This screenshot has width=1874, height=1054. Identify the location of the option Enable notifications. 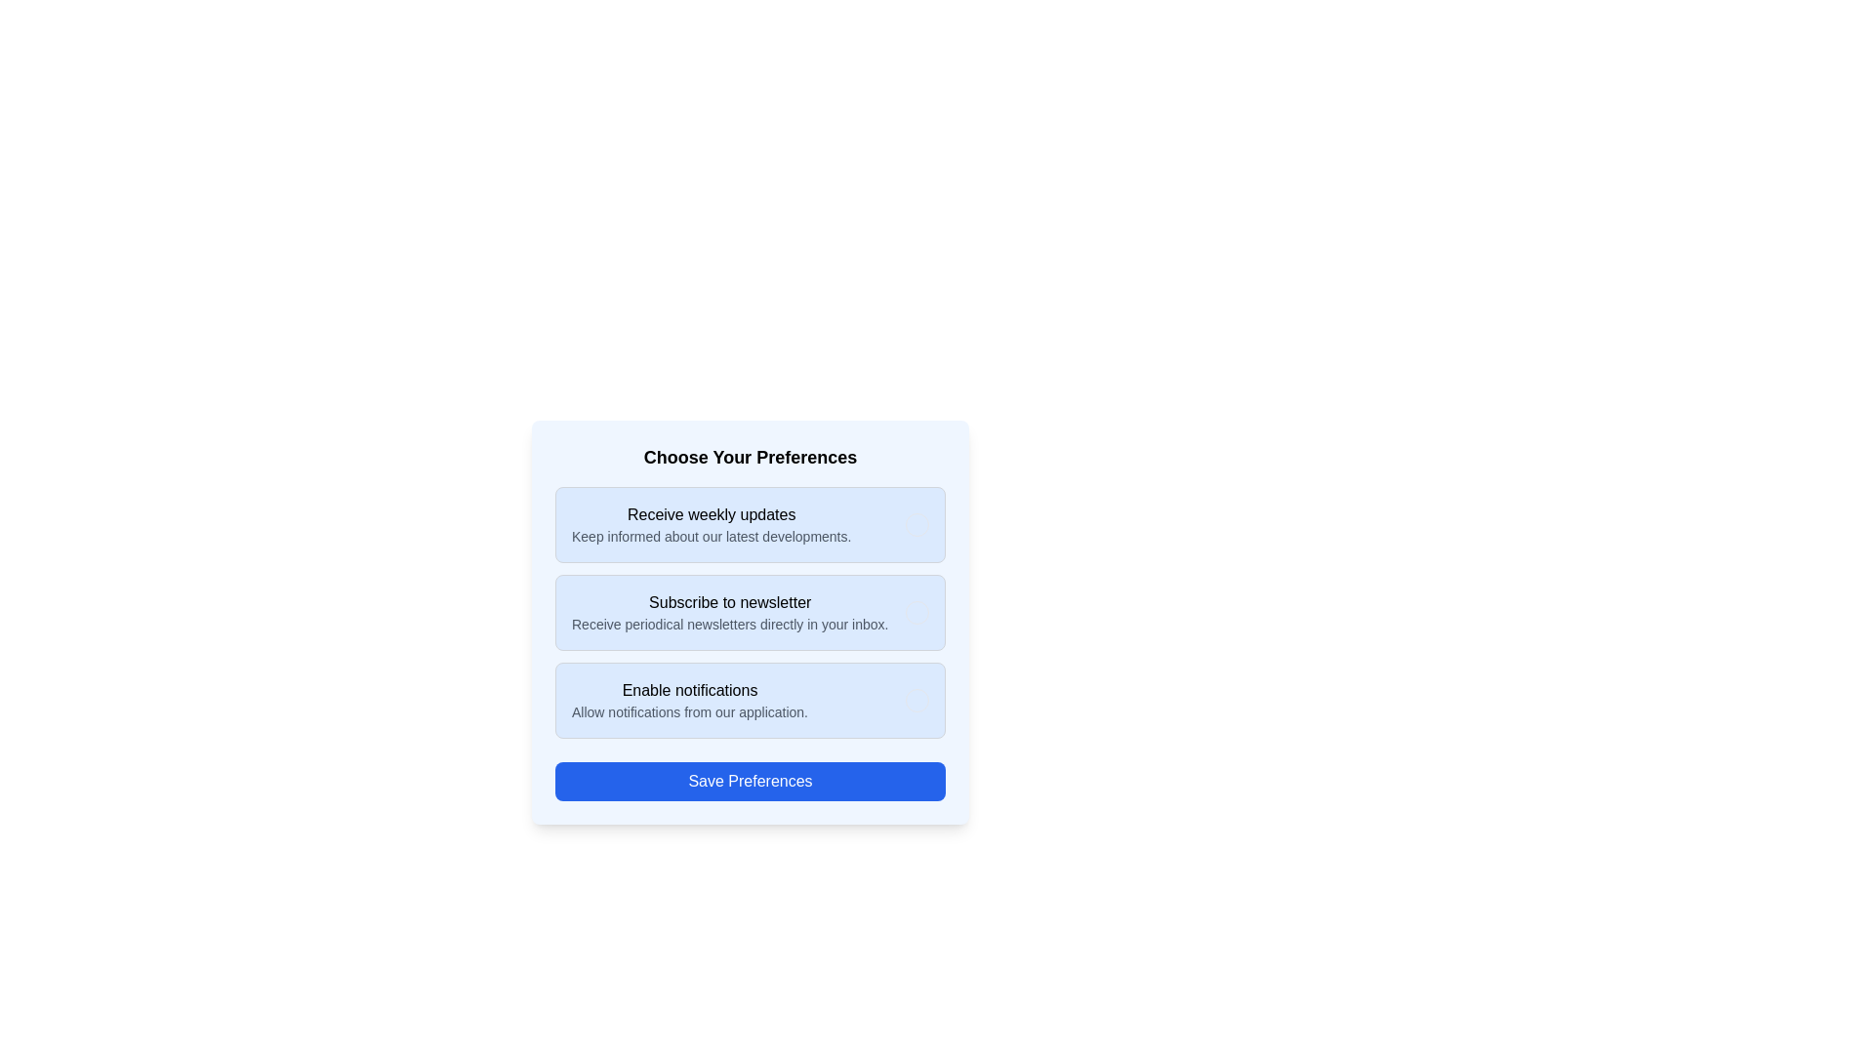
(917, 699).